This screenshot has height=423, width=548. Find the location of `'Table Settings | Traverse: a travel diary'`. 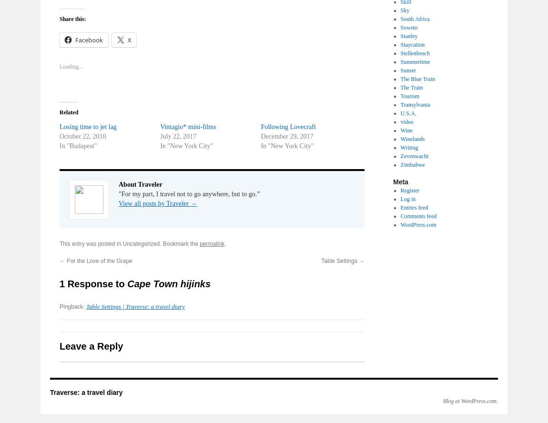

'Table Settings | Traverse: a travel diary' is located at coordinates (86, 306).